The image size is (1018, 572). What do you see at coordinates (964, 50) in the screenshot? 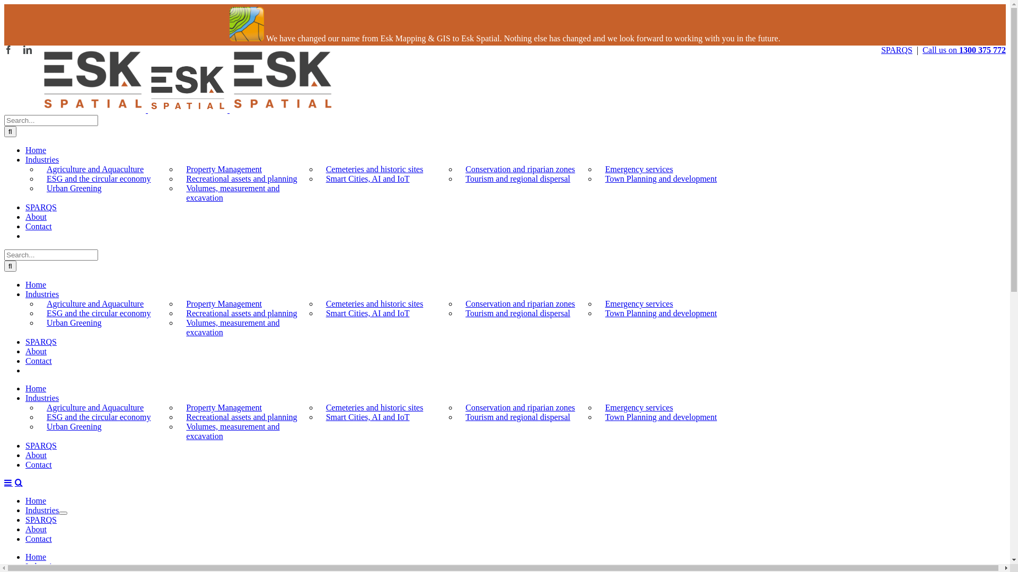
I see `'Call us on 1300 375 772'` at bounding box center [964, 50].